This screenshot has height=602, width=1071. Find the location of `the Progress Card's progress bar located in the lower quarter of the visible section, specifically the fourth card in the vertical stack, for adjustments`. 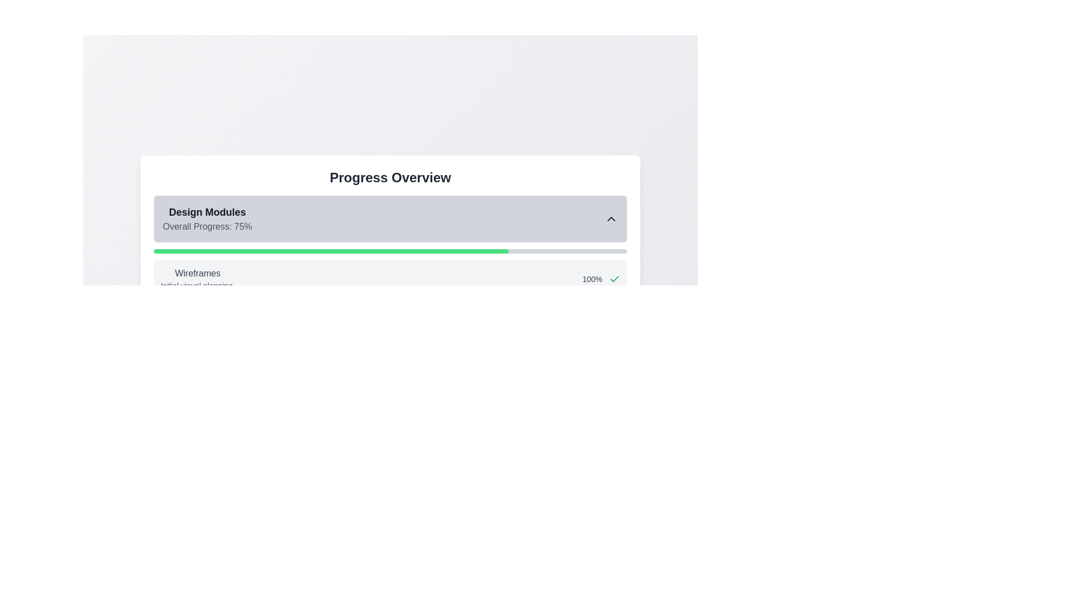

the Progress Card's progress bar located in the lower quarter of the visible section, specifically the fourth card in the vertical stack, for adjustments is located at coordinates (390, 421).